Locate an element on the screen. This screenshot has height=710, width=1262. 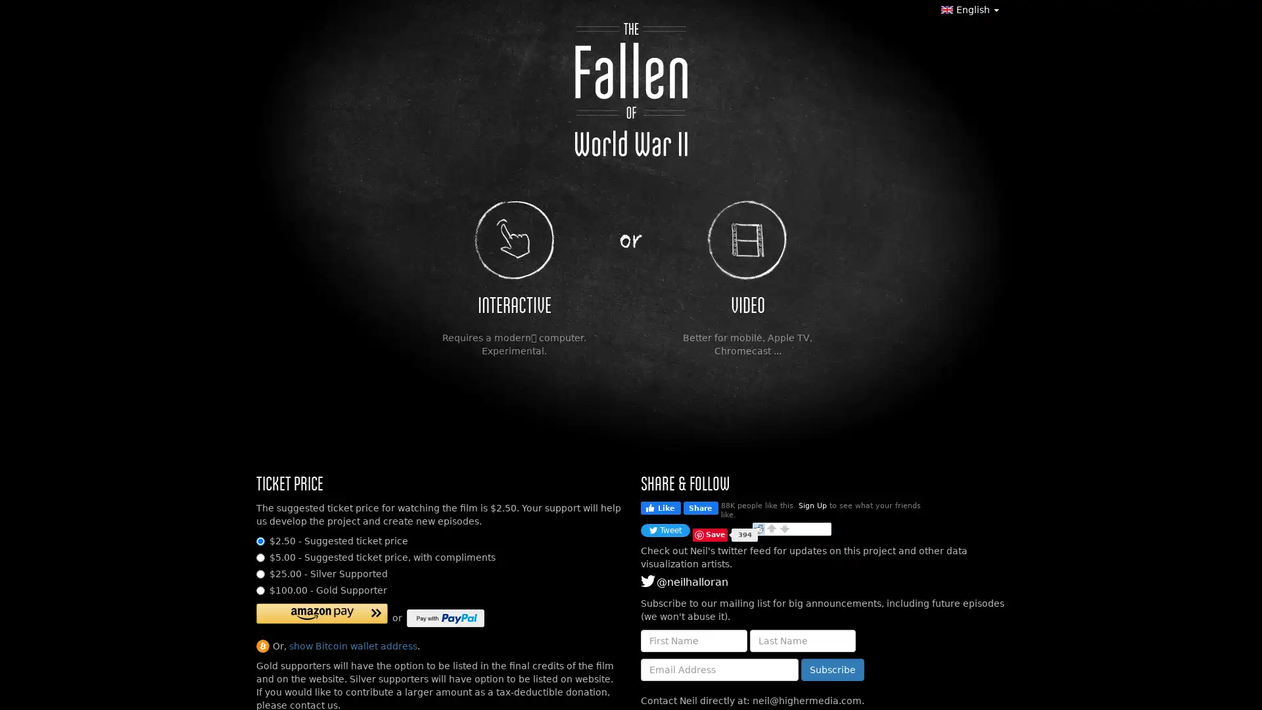
PayPal - The safer, easier way to pay online! is located at coordinates (445, 618).